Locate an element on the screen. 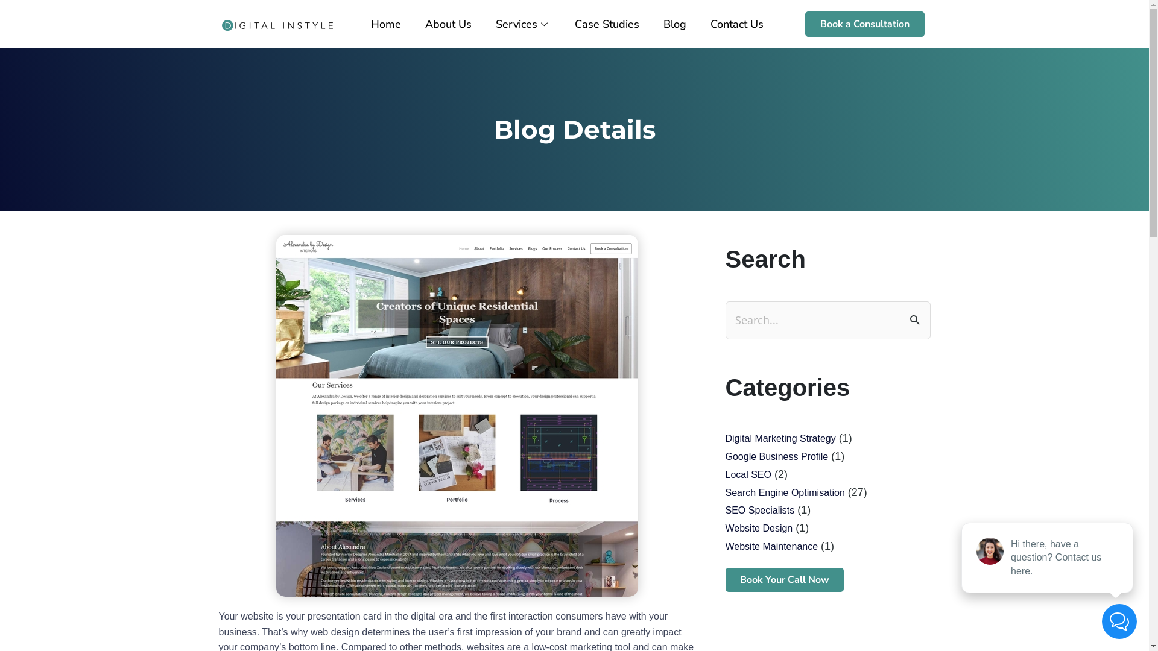  'Website Maintenance' is located at coordinates (770, 546).